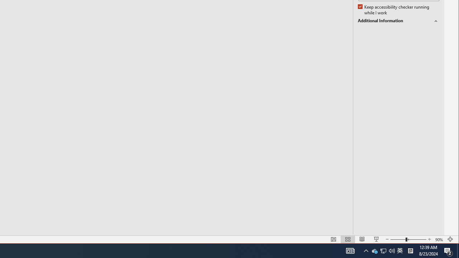 The height and width of the screenshot is (258, 459). Describe the element at coordinates (392, 250) in the screenshot. I see `'Q2790: 100%'` at that location.